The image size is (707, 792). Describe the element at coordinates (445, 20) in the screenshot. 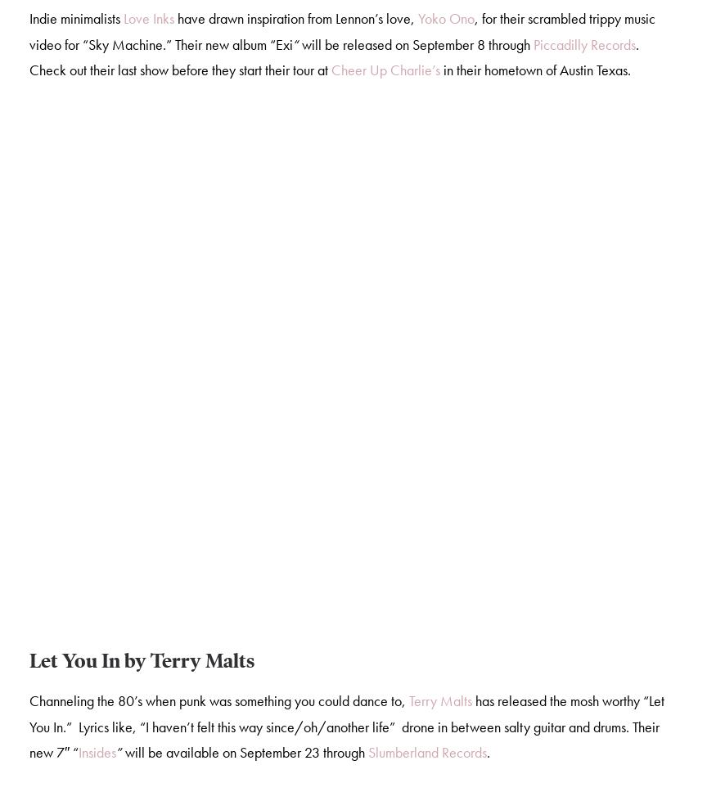

I see `'Yoko Ono'` at that location.